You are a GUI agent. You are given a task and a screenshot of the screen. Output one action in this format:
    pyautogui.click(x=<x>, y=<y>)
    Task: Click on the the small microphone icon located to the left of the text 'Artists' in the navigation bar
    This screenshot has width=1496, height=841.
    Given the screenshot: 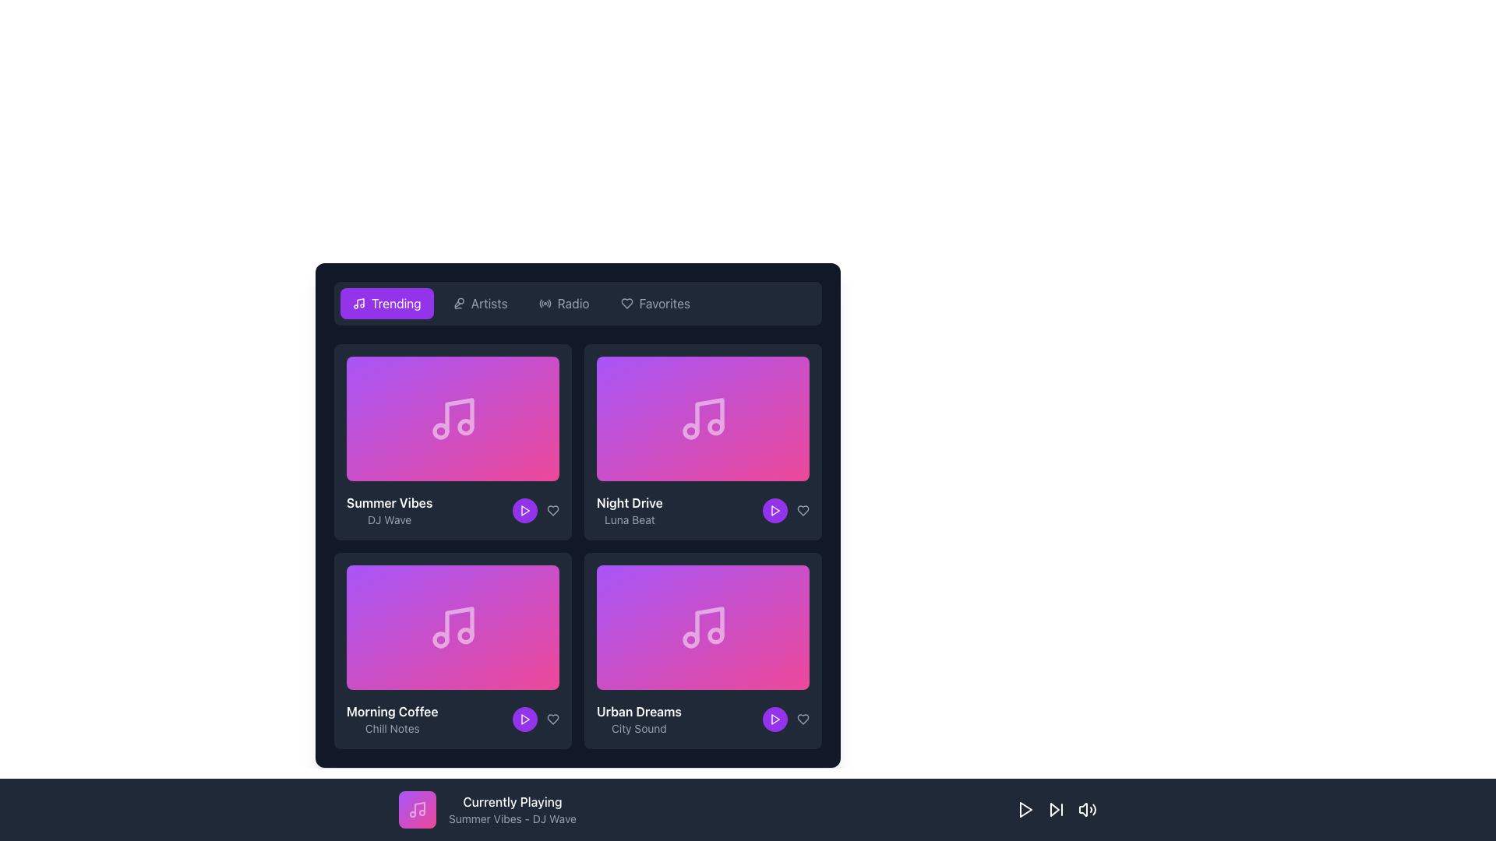 What is the action you would take?
    pyautogui.click(x=457, y=303)
    